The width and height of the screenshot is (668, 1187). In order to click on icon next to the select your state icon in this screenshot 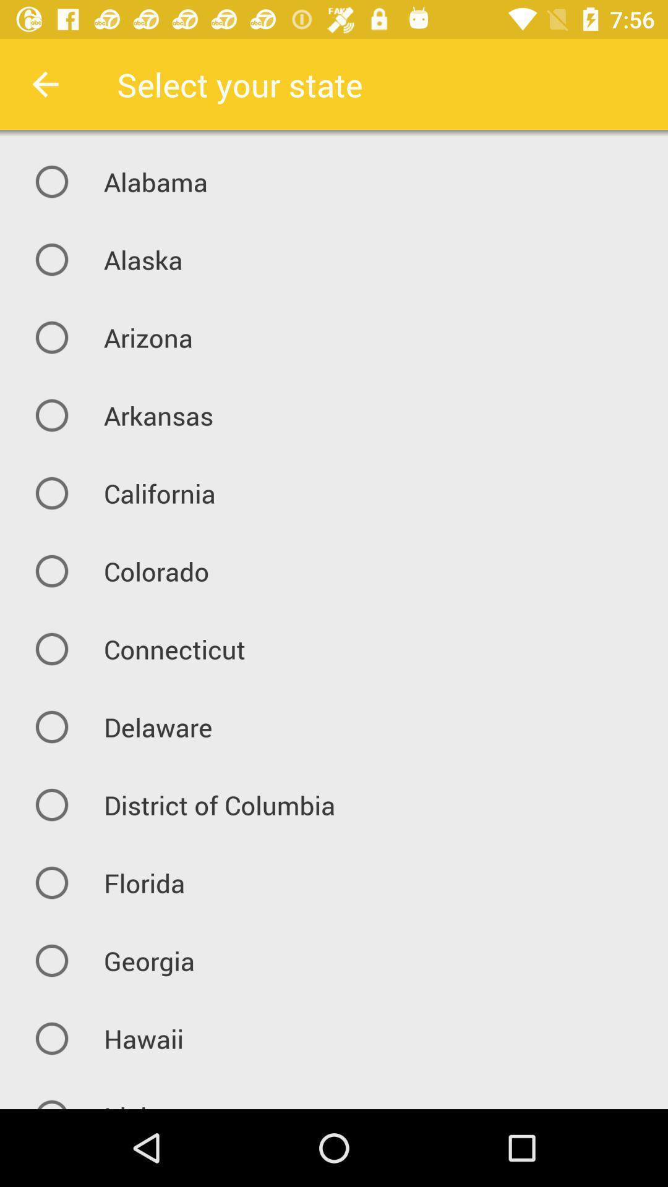, I will do `click(45, 83)`.